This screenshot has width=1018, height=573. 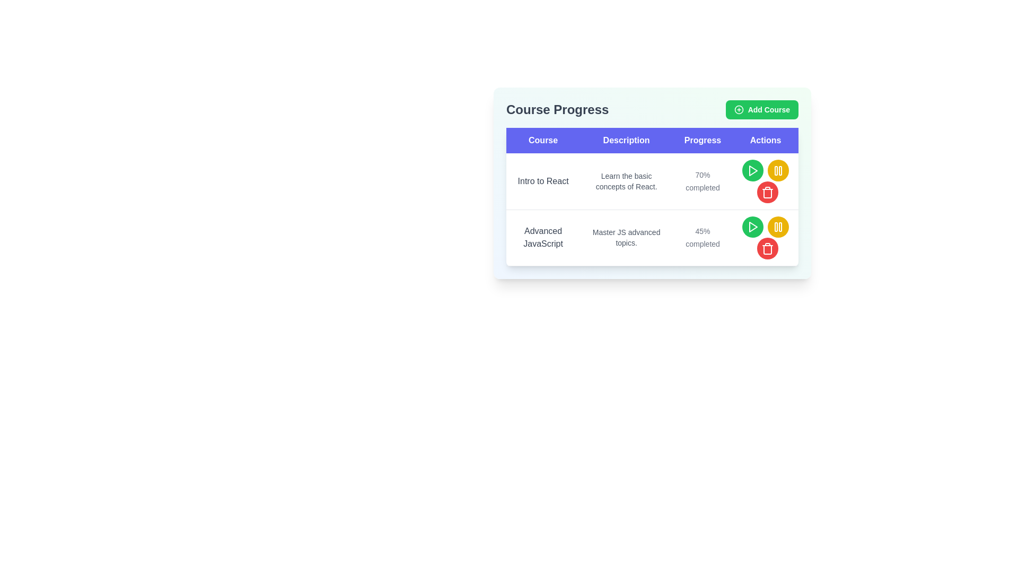 I want to click on the Pause Button located to the right of the 'Actions' column in the second row of the table, so click(x=778, y=170).